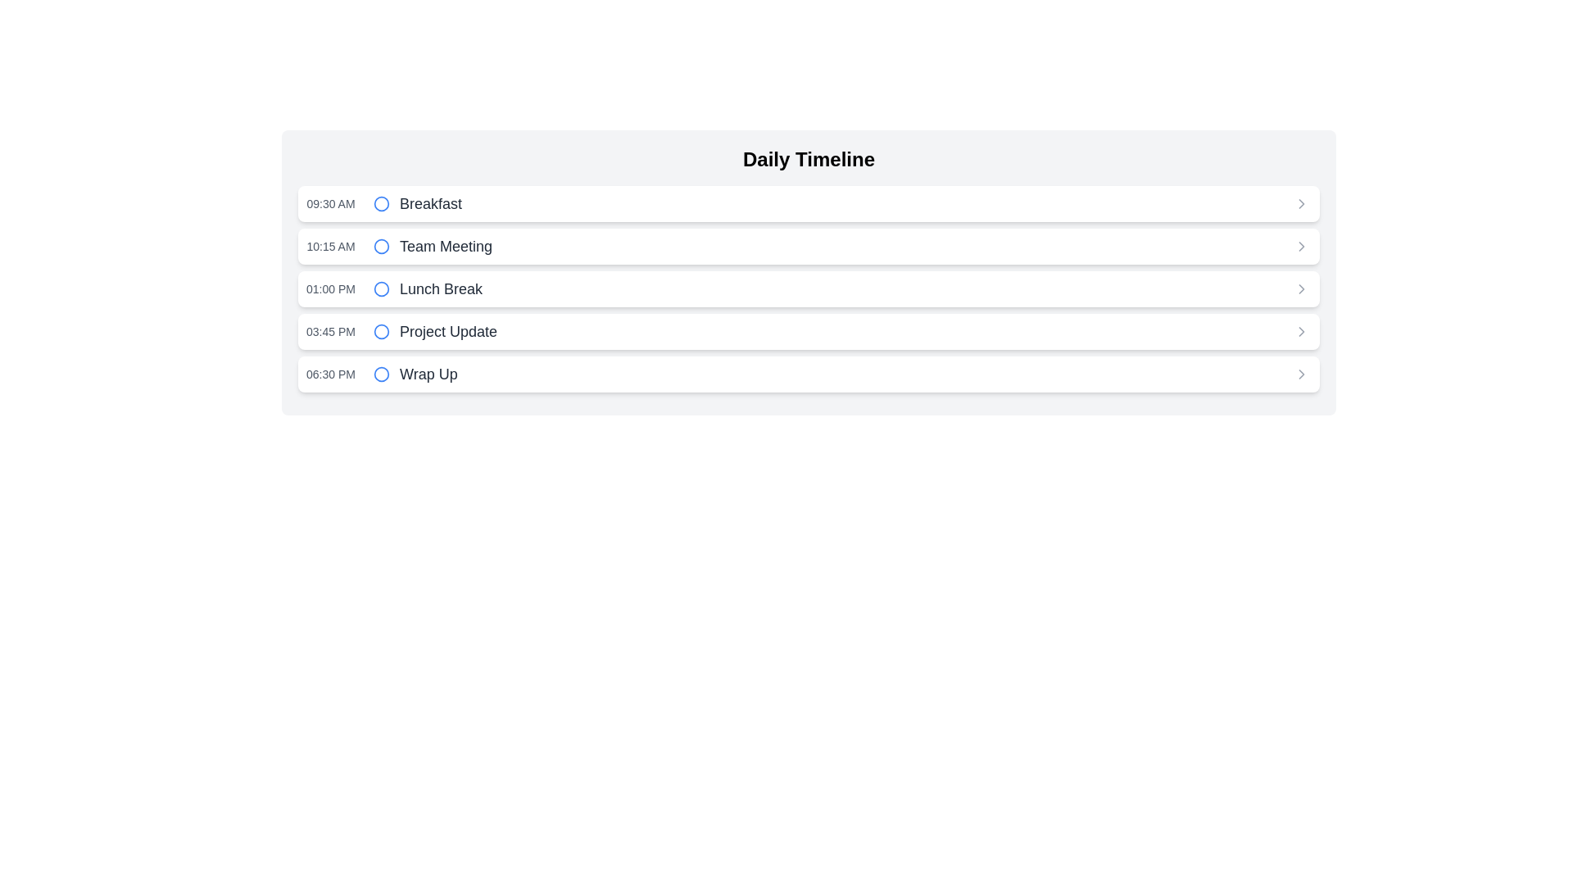 The width and height of the screenshot is (1573, 885). Describe the element at coordinates (329, 332) in the screenshot. I see `displayed time from the text label that shows '03:45 PM', which is aligned to the center and located within a schedule entry interface` at that location.